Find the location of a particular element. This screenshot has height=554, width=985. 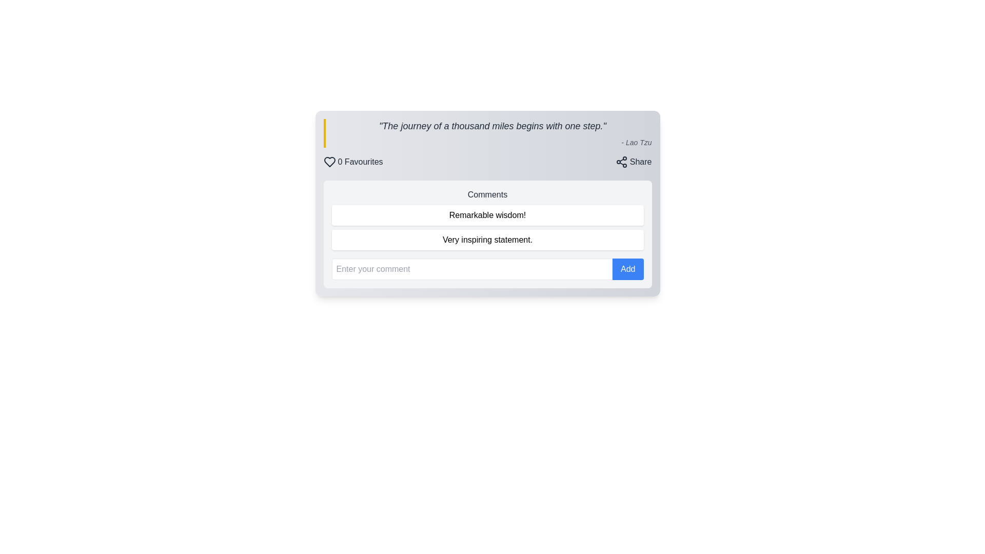

the share icon, which is a minimalist design featuring three interconnected circles and two diagonal lines, located on the right side of the interface near the 'Share' text is located at coordinates (621, 162).